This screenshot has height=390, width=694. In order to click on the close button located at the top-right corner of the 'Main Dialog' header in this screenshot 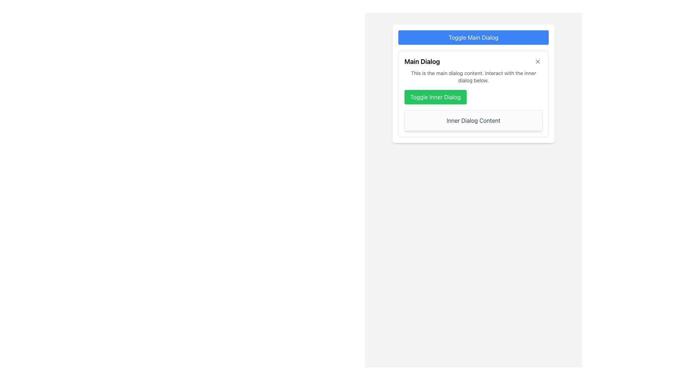, I will do `click(538, 61)`.